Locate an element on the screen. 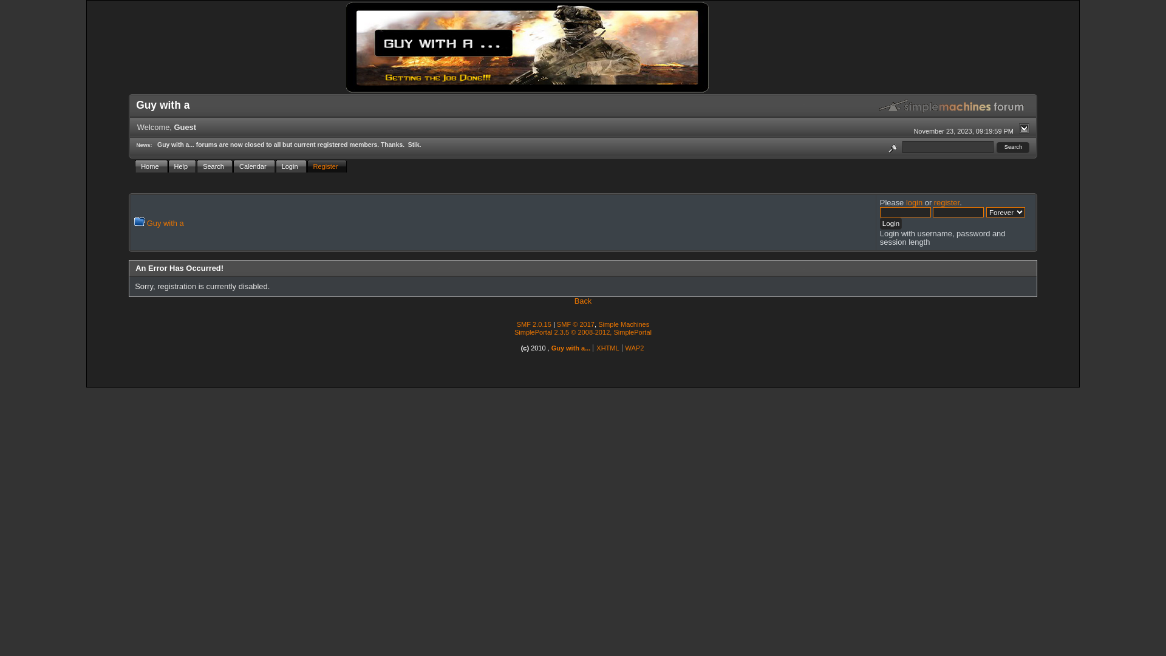 The image size is (1166, 656). 'Advanced search' is located at coordinates (885, 146).